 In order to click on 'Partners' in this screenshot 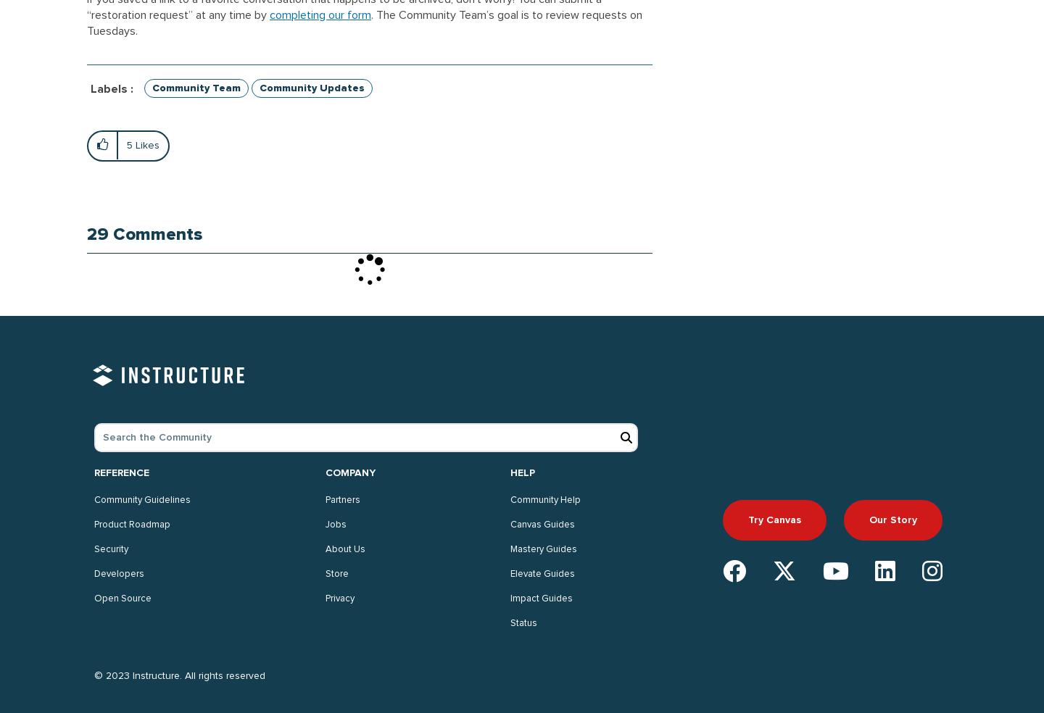, I will do `click(343, 500)`.